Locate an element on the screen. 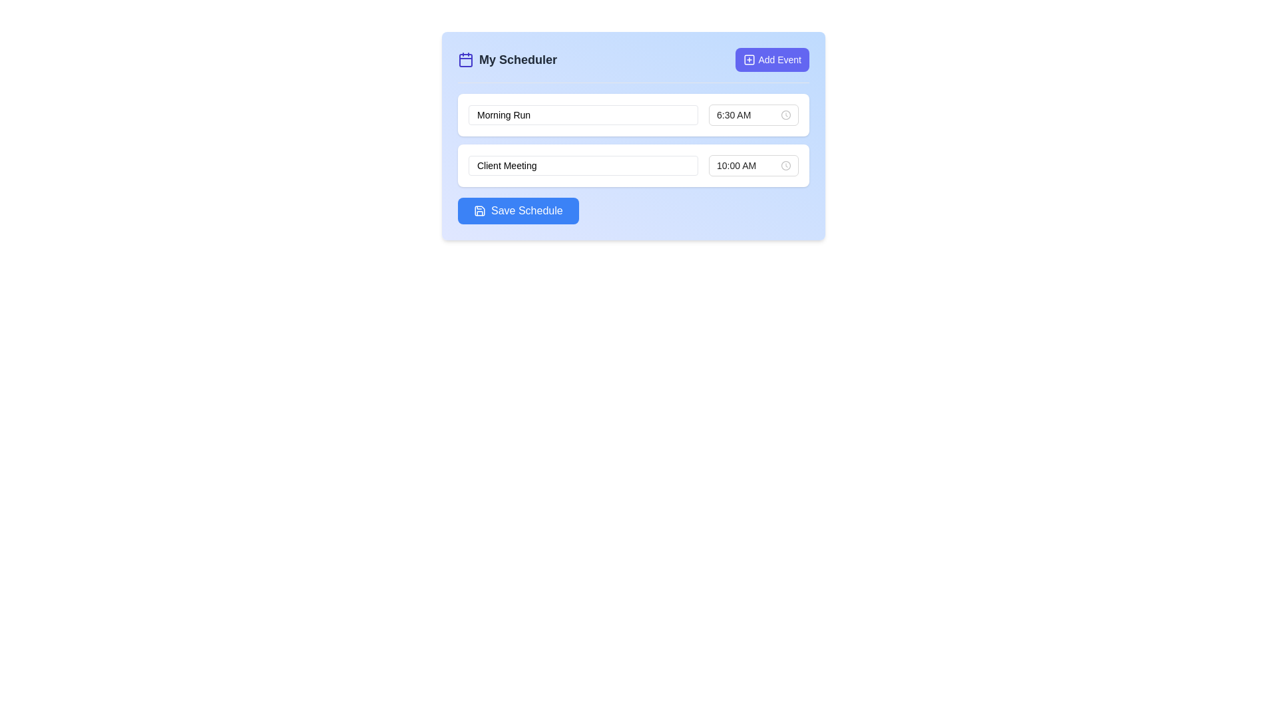 Image resolution: width=1278 pixels, height=719 pixels. the time selection icon located at the far right of the 'Client Meeting' input field in the scheduler interface, adjacent to '10:00 AM' is located at coordinates (785, 165).